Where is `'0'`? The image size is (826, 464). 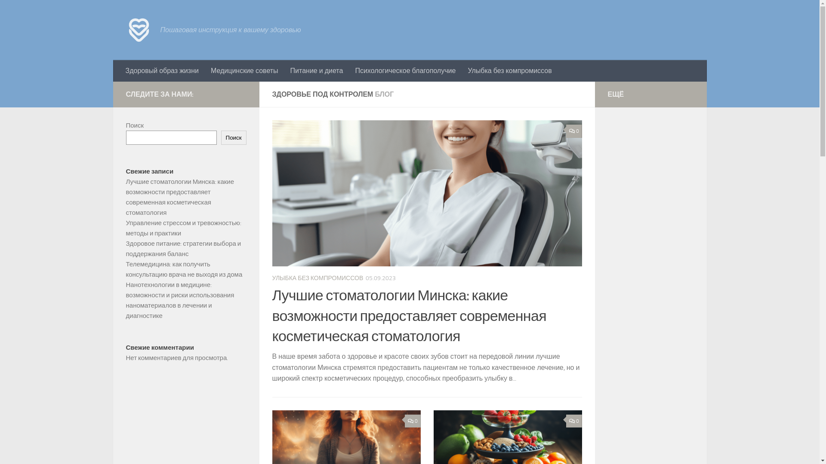
'0' is located at coordinates (574, 421).